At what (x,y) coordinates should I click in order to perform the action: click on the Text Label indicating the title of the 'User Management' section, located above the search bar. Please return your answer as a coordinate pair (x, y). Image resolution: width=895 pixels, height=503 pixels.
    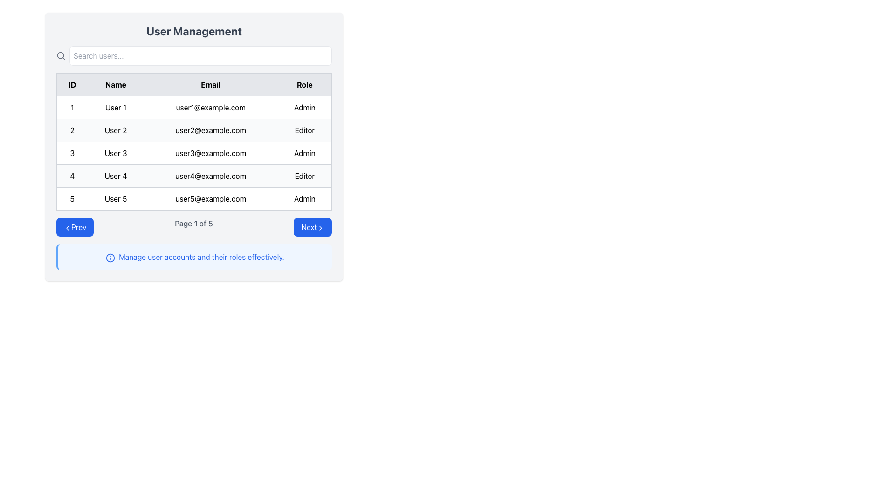
    Looking at the image, I should click on (193, 30).